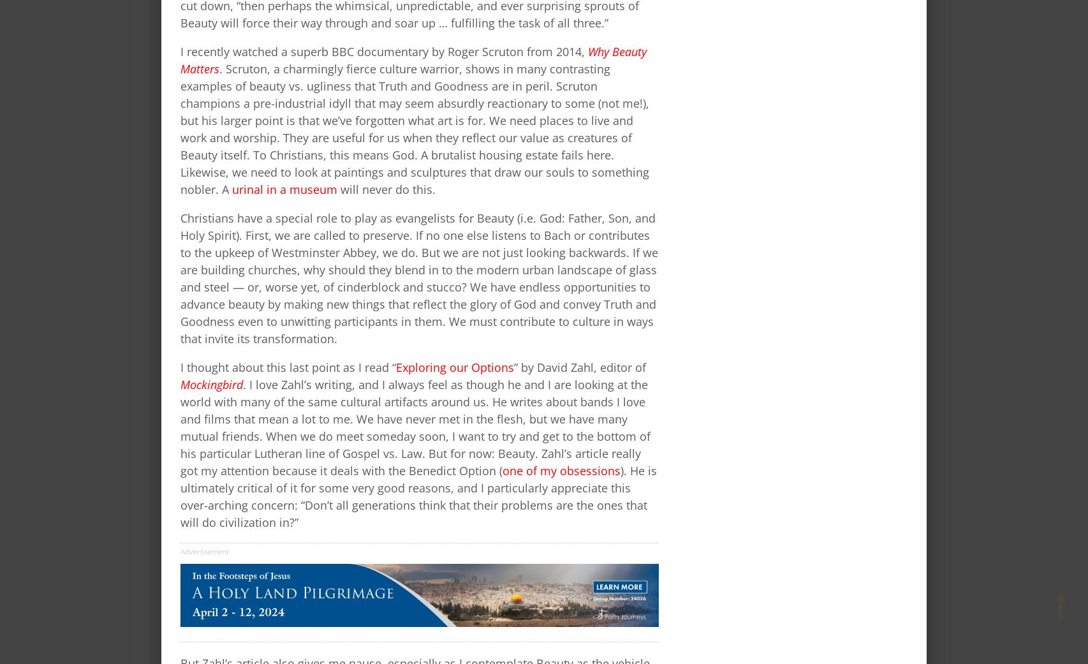 This screenshot has width=1088, height=664. Describe the element at coordinates (180, 50) in the screenshot. I see `'I recently watched a superb BBC documentary by Roger Scruton from 2014,'` at that location.